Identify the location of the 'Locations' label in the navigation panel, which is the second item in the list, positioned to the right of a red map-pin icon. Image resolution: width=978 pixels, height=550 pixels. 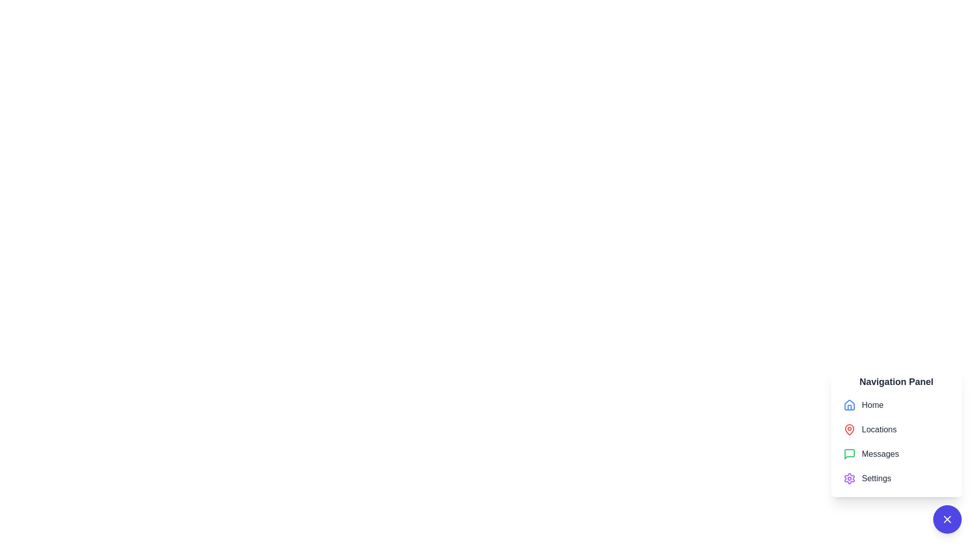
(879, 430).